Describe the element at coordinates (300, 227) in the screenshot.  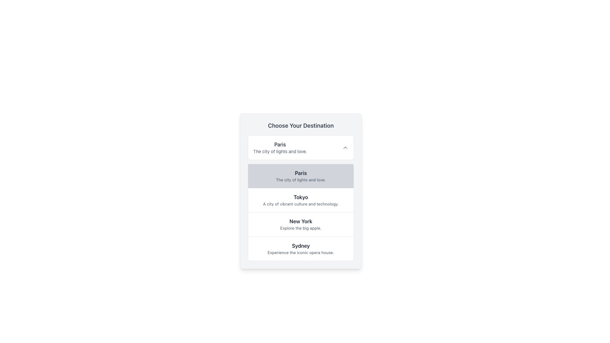
I see `the descriptive text displaying 'Explore the big apple.' which is positioned below the main title 'New York' in the fourth item of the destination list` at that location.